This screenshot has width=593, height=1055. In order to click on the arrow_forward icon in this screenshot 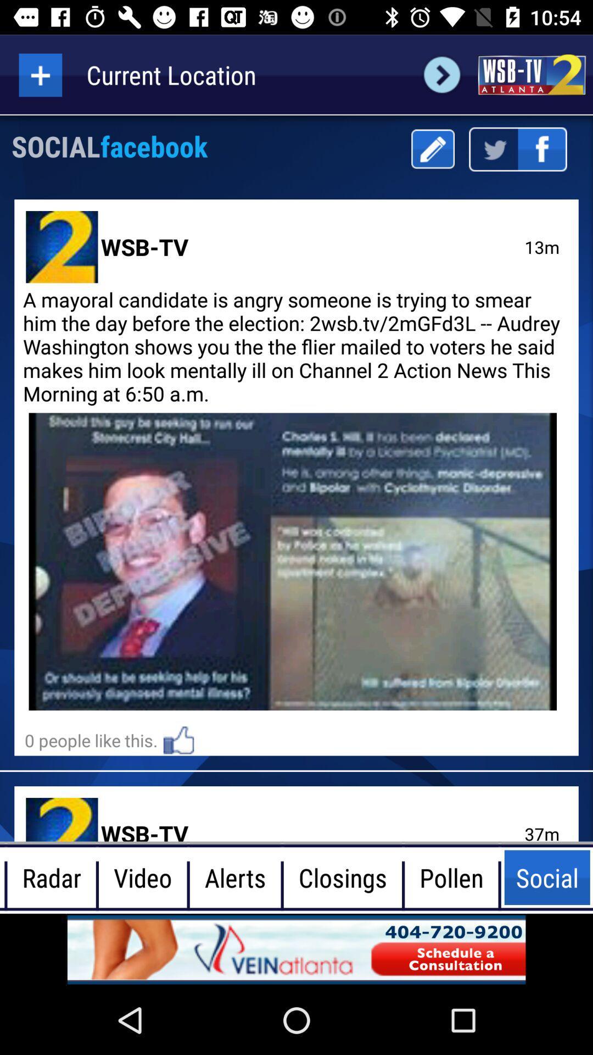, I will do `click(441, 74)`.